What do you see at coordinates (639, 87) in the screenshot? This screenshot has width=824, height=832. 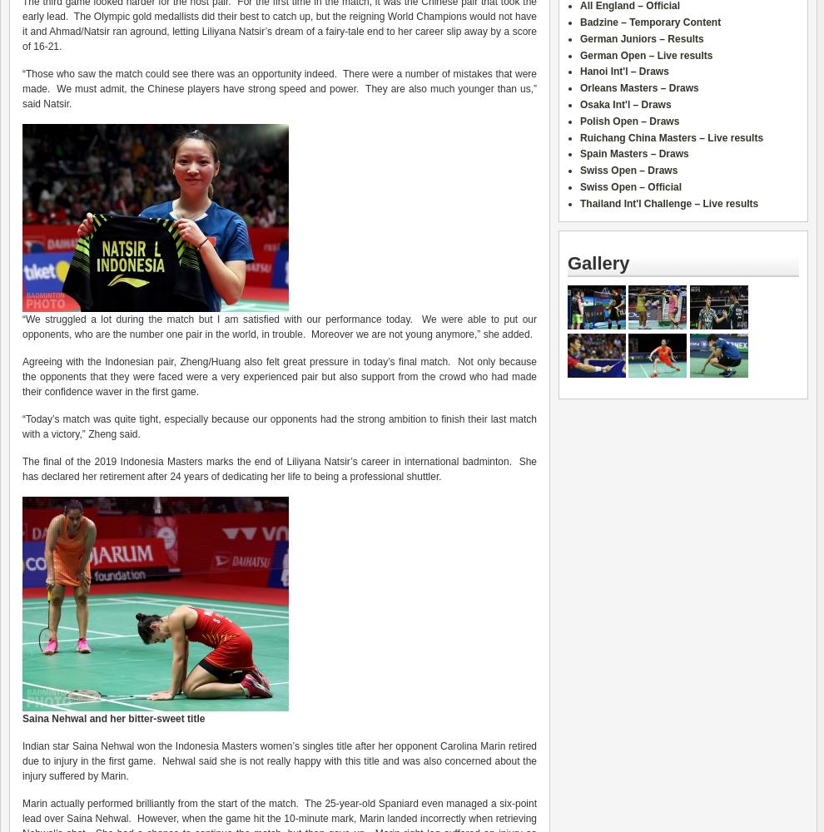 I see `'Orleans Masters – Draws'` at bounding box center [639, 87].